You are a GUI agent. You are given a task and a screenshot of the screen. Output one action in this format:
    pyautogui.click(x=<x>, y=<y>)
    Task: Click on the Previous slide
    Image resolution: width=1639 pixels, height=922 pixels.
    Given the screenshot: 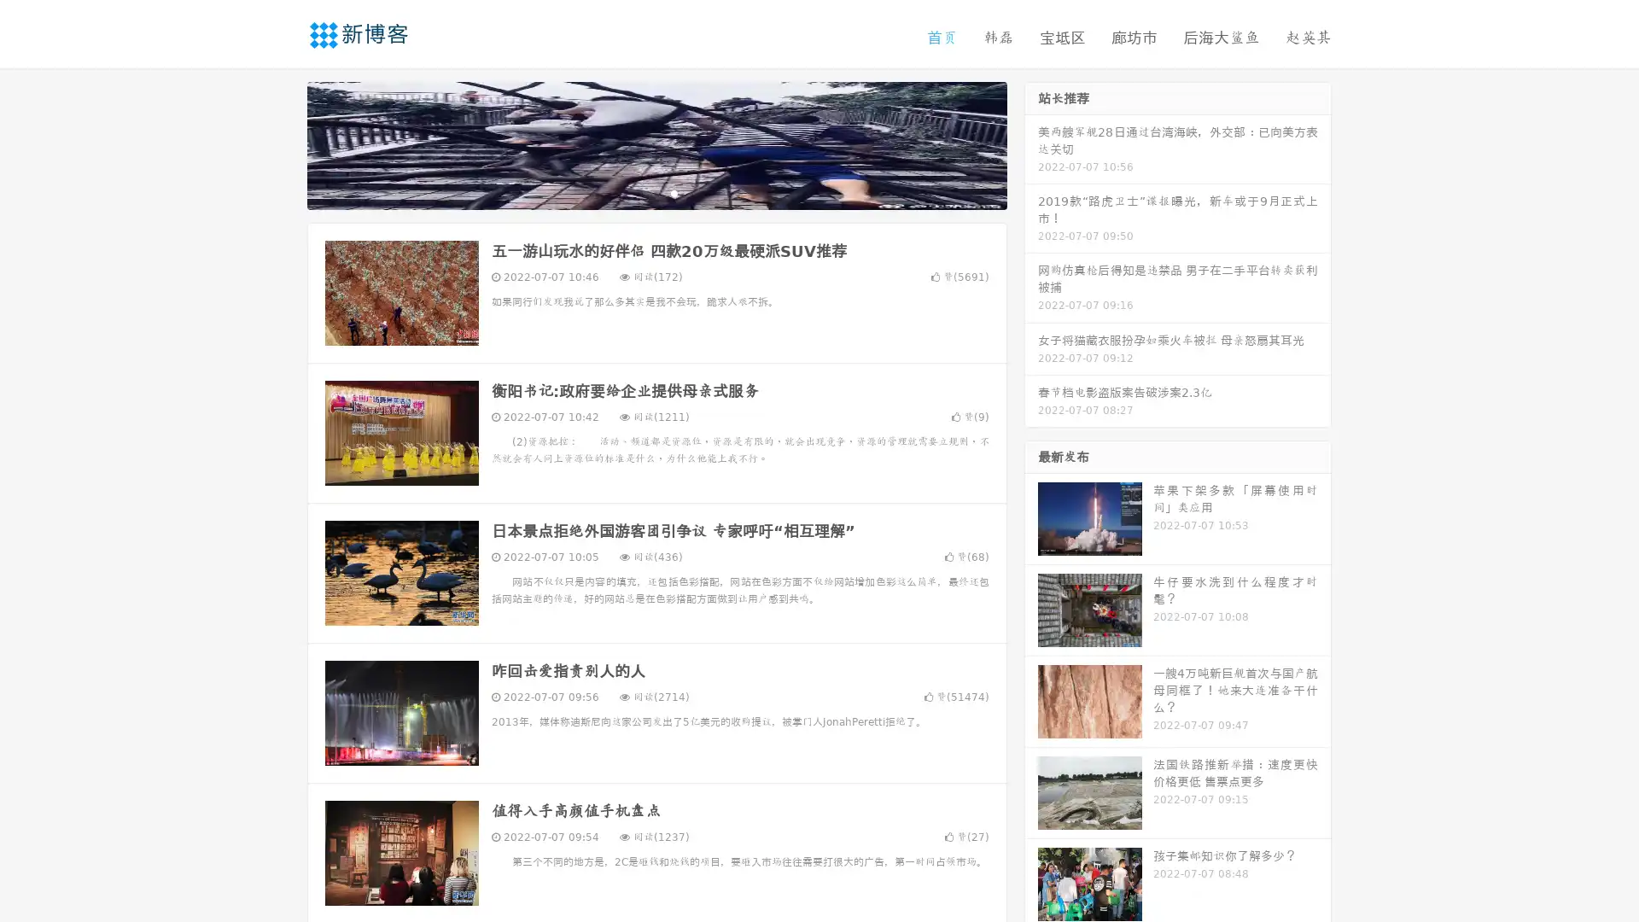 What is the action you would take?
    pyautogui.click(x=282, y=143)
    